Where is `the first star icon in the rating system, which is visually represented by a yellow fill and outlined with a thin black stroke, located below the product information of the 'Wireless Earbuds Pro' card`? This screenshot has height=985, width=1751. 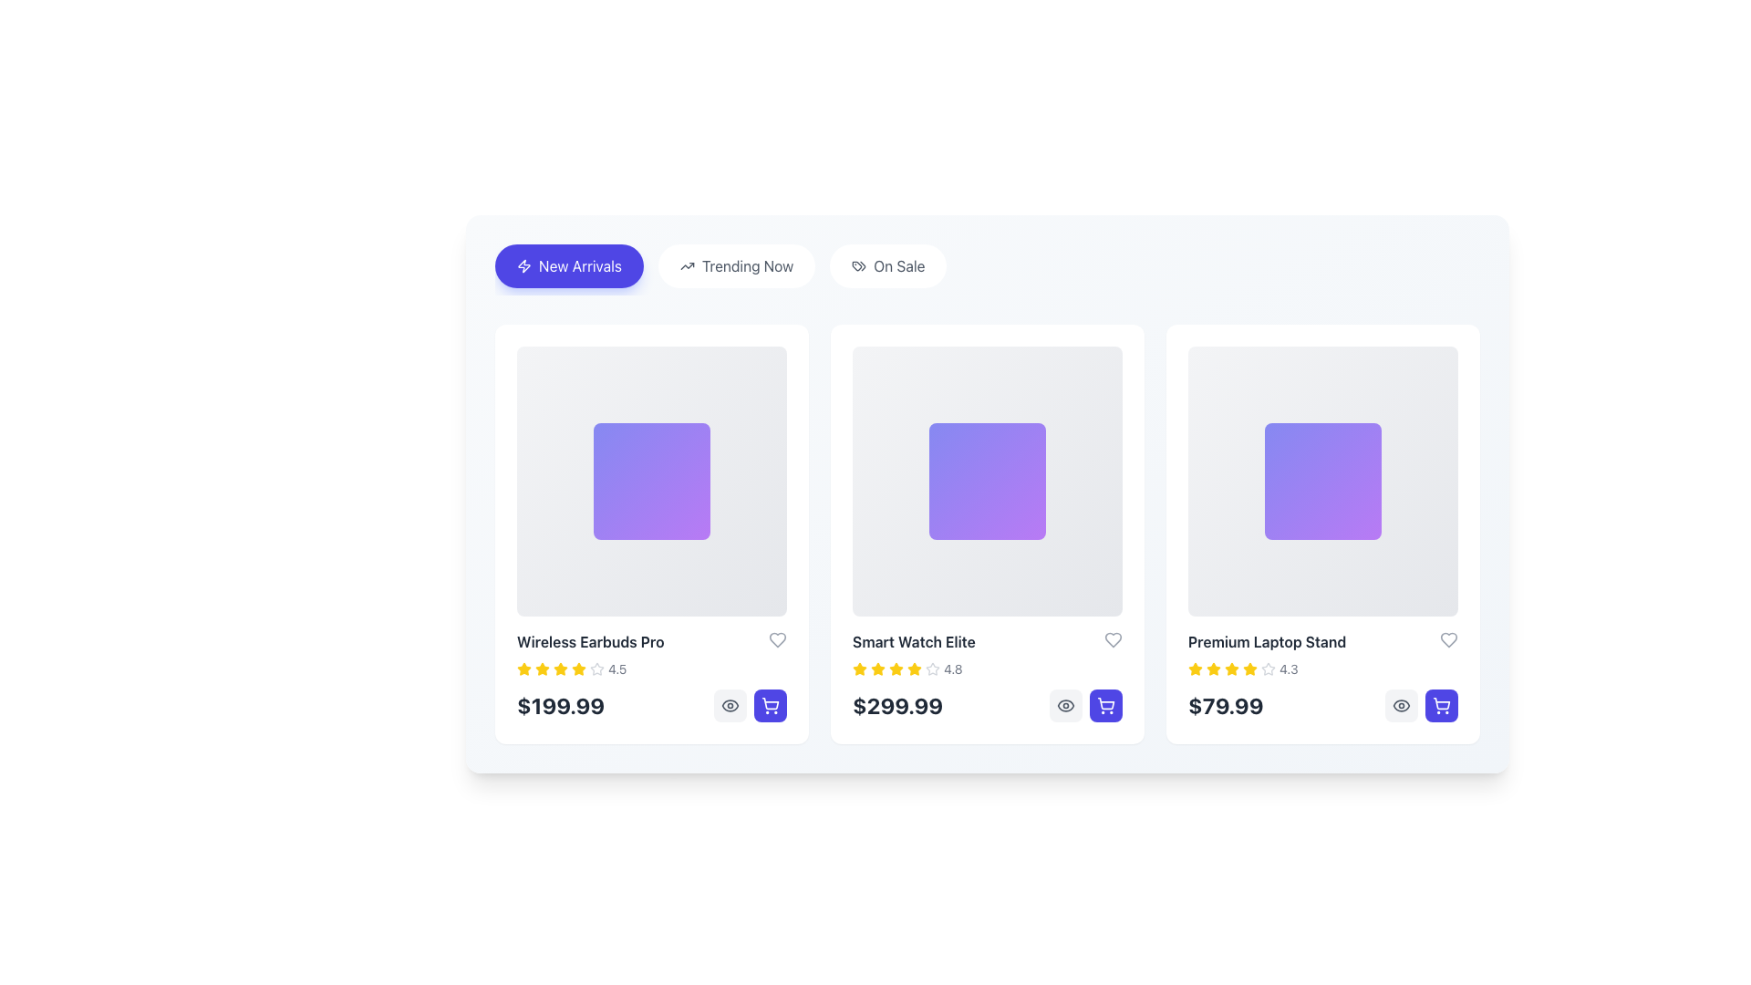
the first star icon in the rating system, which is visually represented by a yellow fill and outlined with a thin black stroke, located below the product information of the 'Wireless Earbuds Pro' card is located at coordinates (523, 669).